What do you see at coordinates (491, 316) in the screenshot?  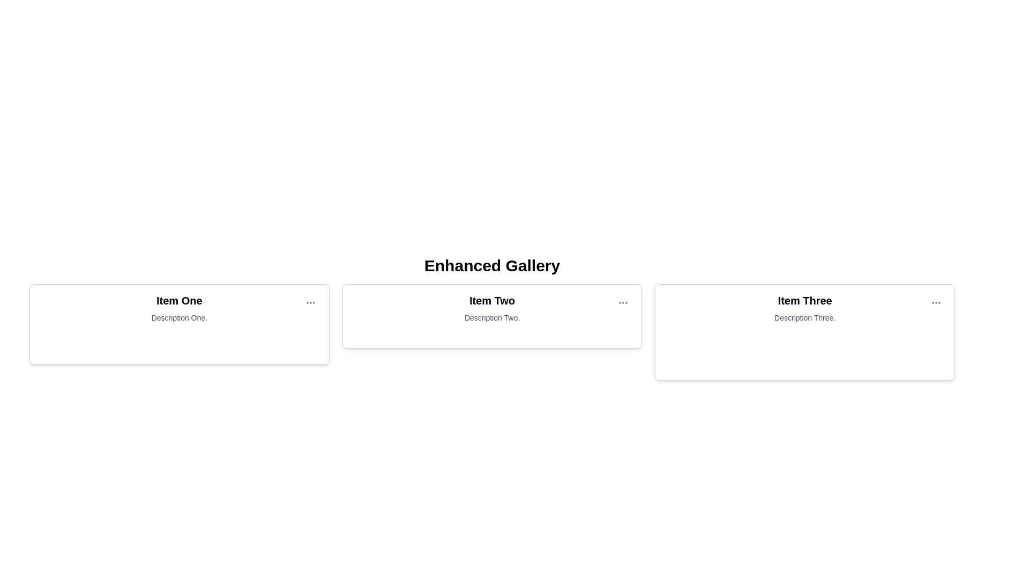 I see `the second card element in the horizontal grid layout for potential navigation` at bounding box center [491, 316].